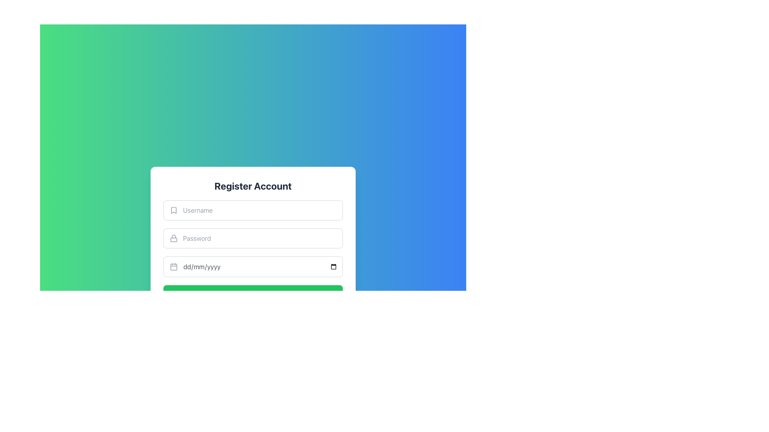 The image size is (769, 432). Describe the element at coordinates (173, 210) in the screenshot. I see `the small gray bookmark icon located to the left of the placeholder text 'Username' in the username input field` at that location.